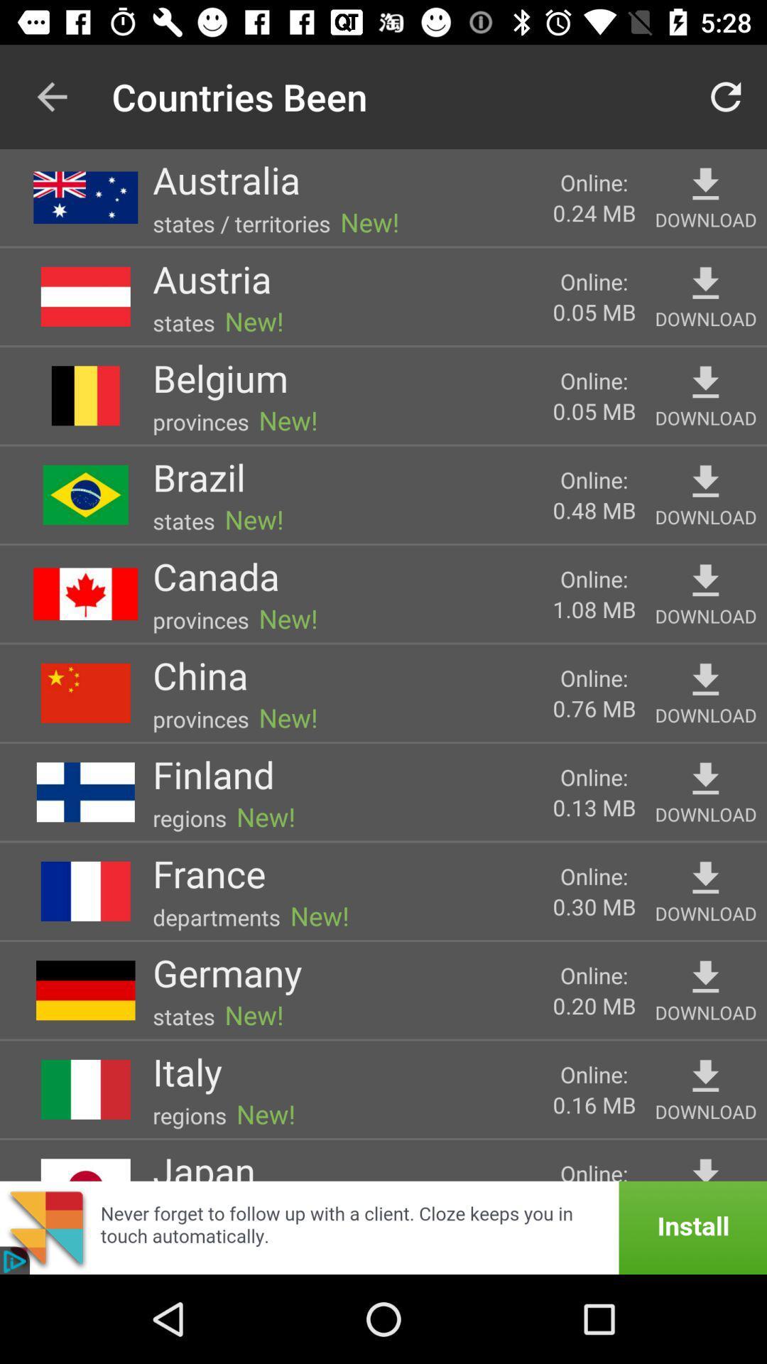 The image size is (767, 1364). I want to click on download italy, so click(705, 1076).